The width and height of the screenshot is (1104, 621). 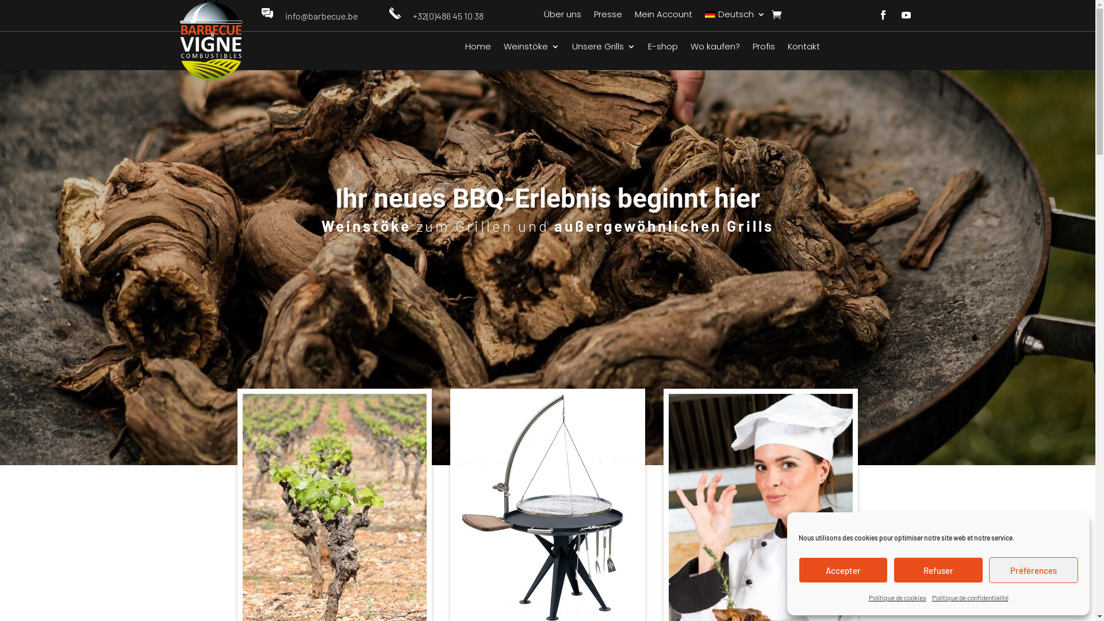 What do you see at coordinates (447, 16) in the screenshot?
I see `'+32(0)486 45 10 38'` at bounding box center [447, 16].